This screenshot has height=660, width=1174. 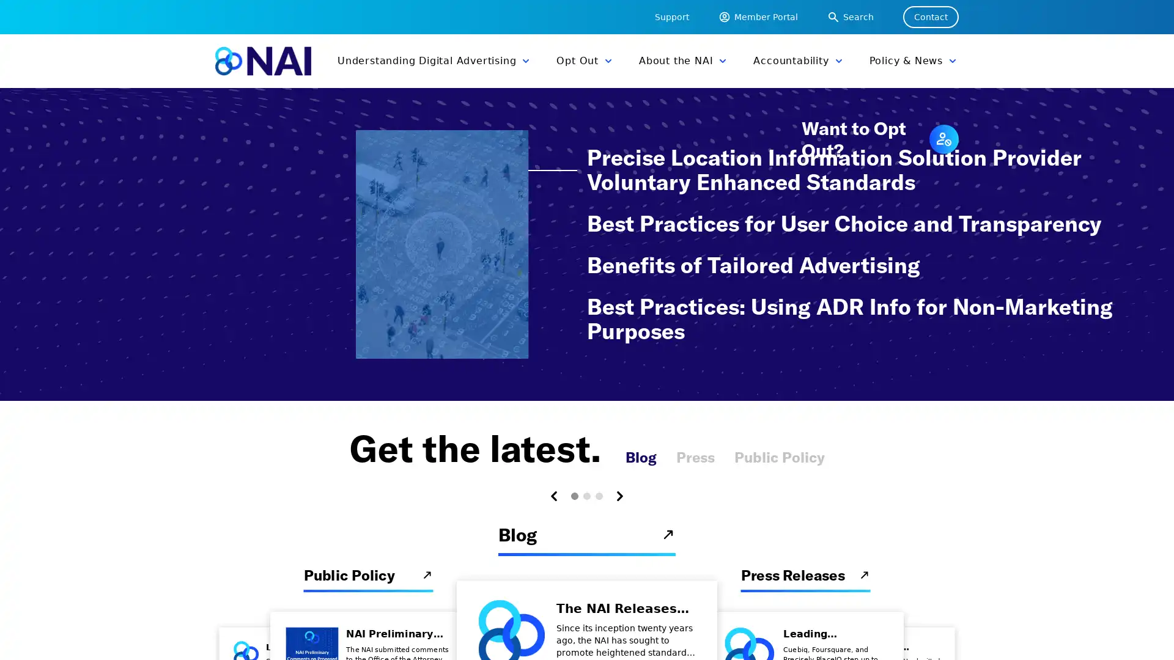 I want to click on Press, so click(x=695, y=457).